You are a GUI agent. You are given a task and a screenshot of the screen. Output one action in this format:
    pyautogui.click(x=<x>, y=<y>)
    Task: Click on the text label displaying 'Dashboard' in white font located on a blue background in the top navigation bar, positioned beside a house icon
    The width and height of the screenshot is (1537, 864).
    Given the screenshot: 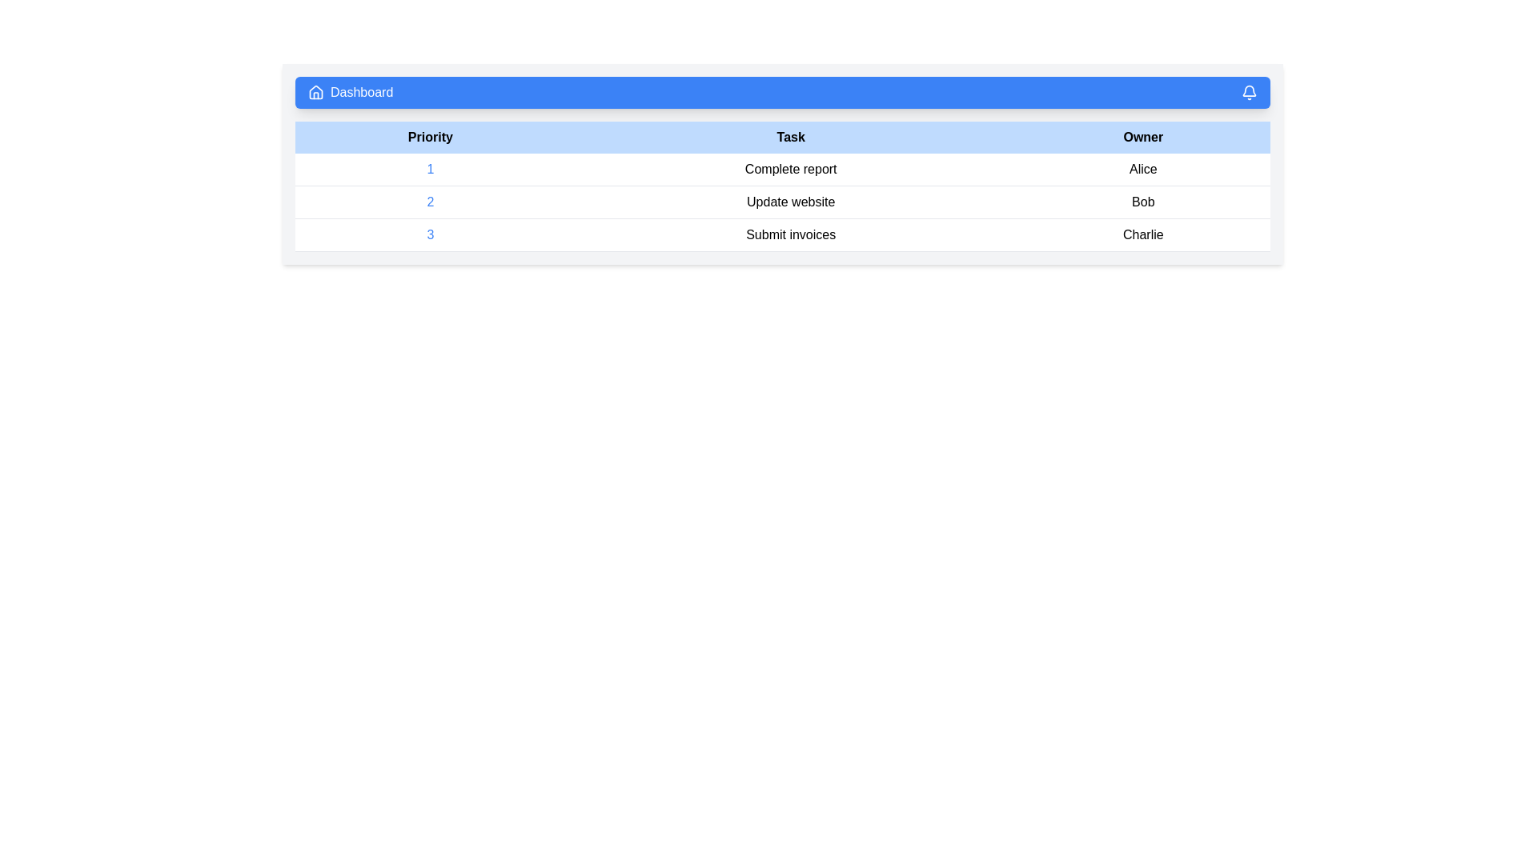 What is the action you would take?
    pyautogui.click(x=361, y=92)
    